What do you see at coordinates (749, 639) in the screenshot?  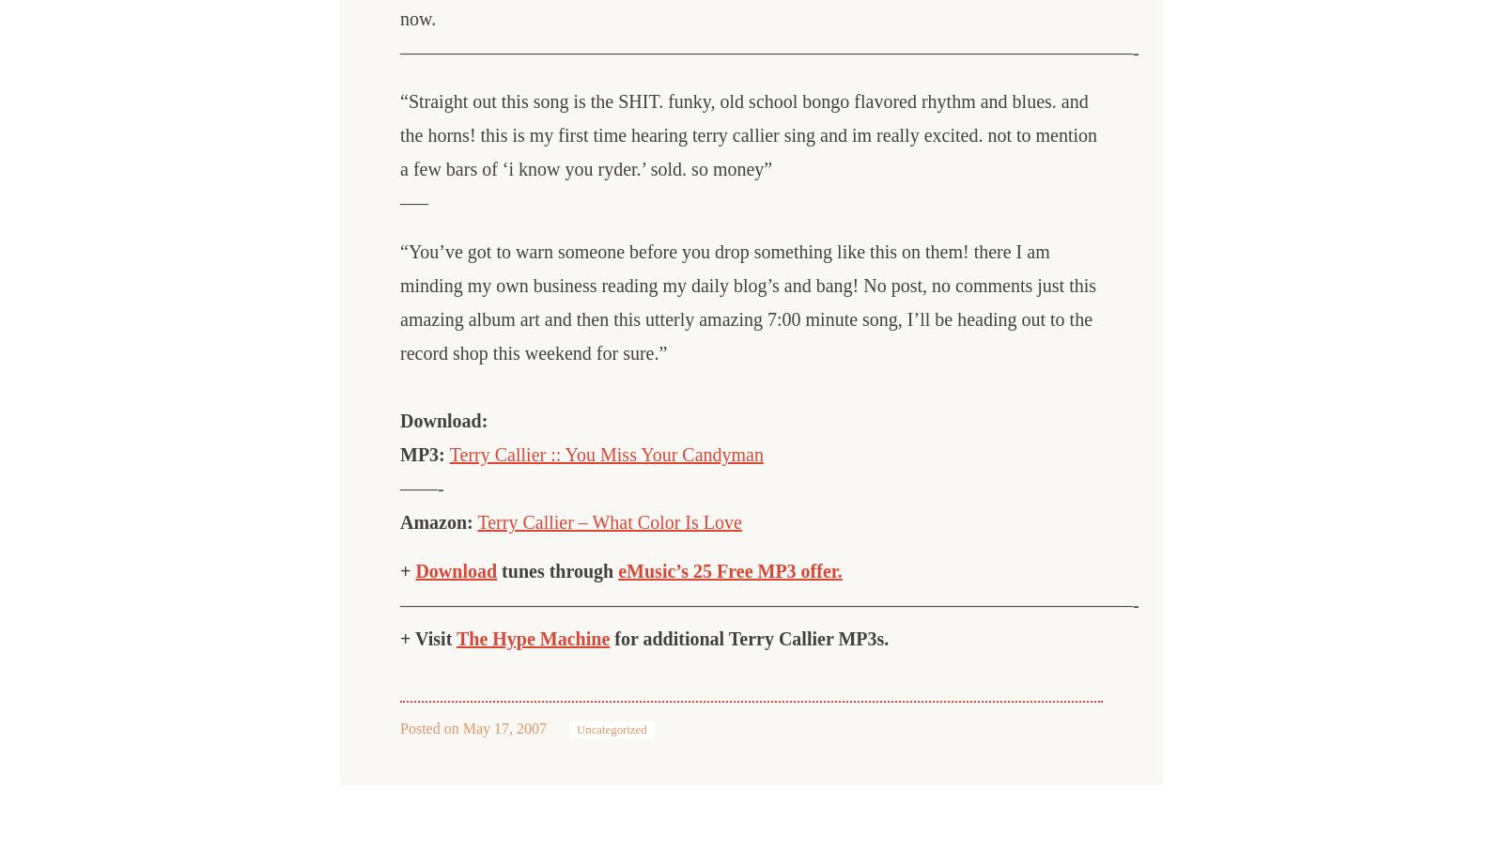 I see `'for additional Terry Callier MP3s.'` at bounding box center [749, 639].